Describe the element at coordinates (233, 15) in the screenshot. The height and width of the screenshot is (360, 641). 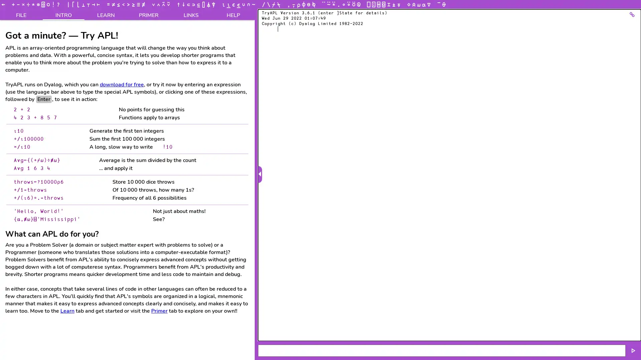
I see `HELP` at that location.